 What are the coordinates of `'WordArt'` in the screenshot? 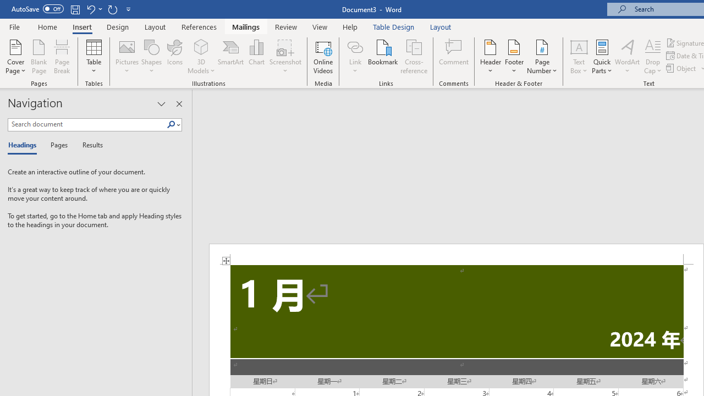 It's located at (628, 57).